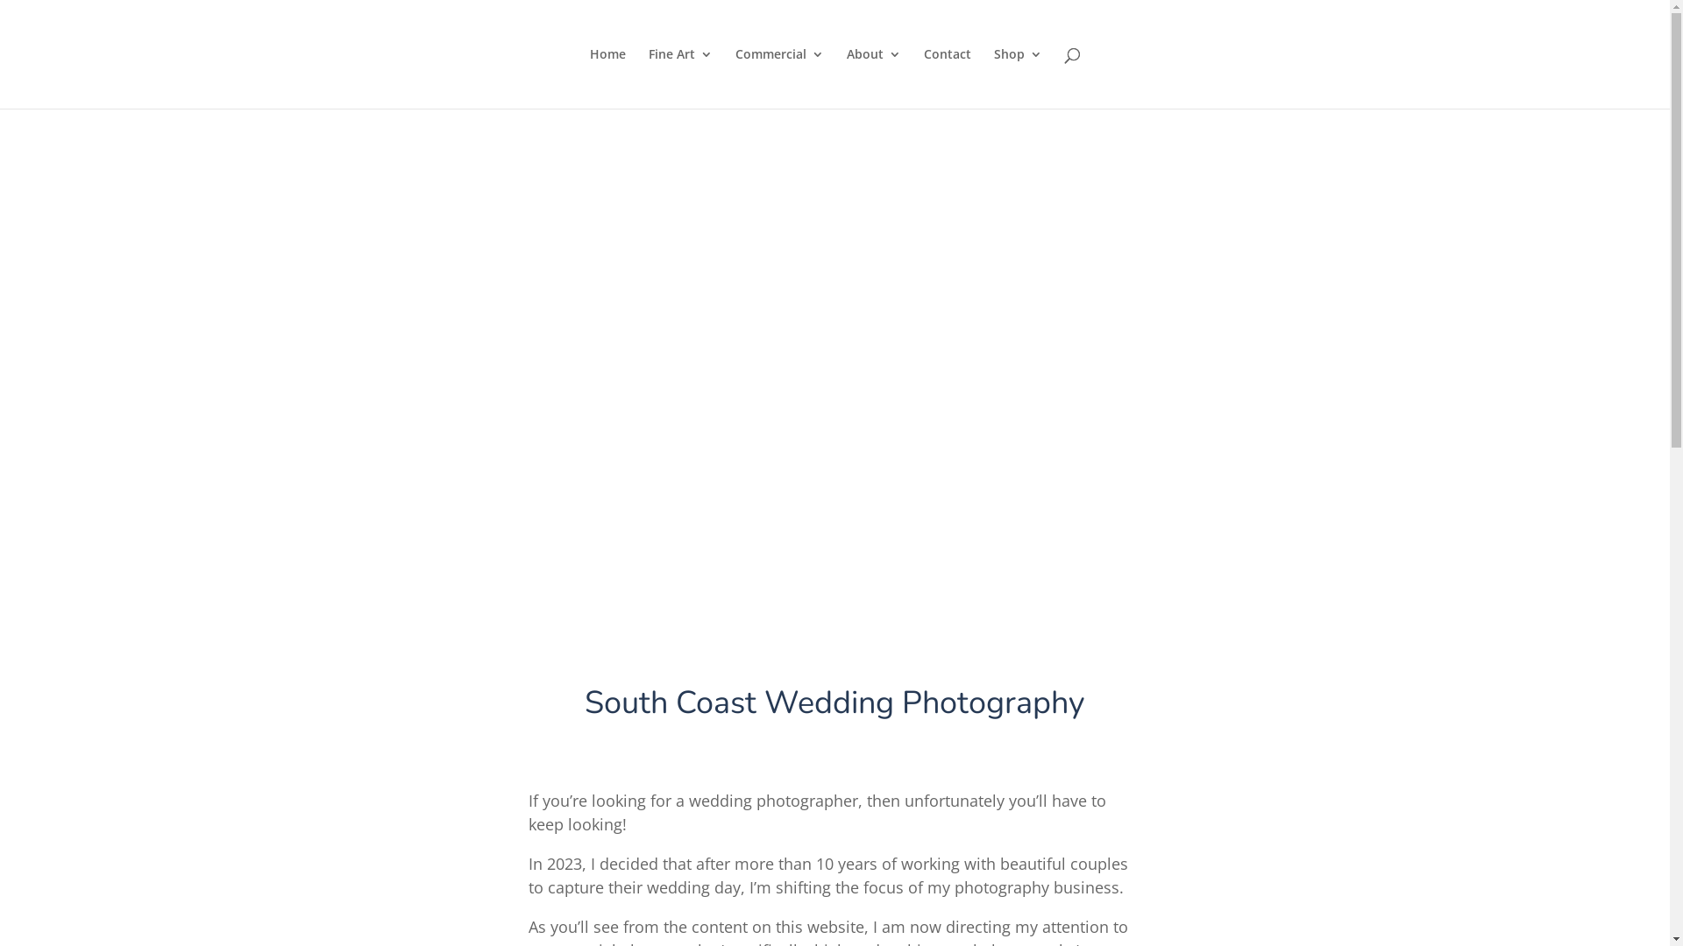 Image resolution: width=1683 pixels, height=946 pixels. Describe the element at coordinates (1018, 77) in the screenshot. I see `'Shop'` at that location.